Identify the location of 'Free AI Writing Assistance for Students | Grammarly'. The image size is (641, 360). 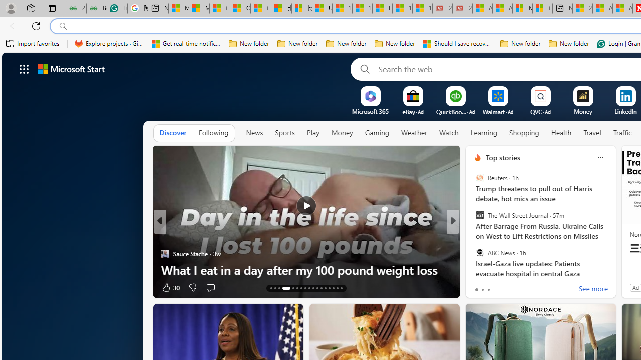
(117, 8).